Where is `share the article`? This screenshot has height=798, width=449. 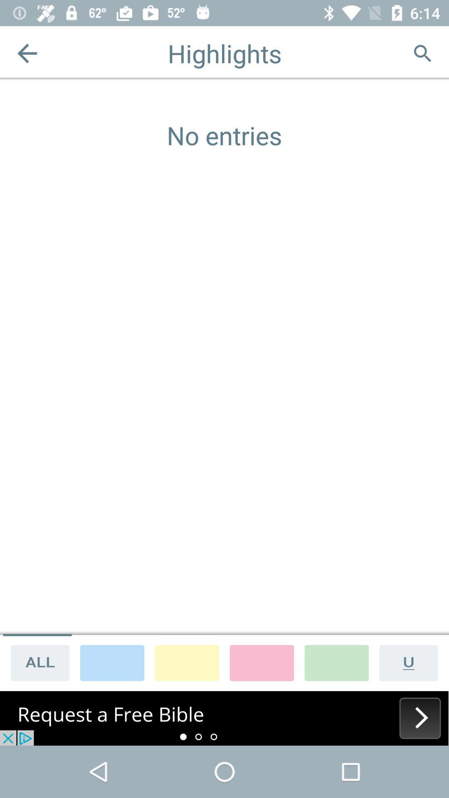
share the article is located at coordinates (37, 662).